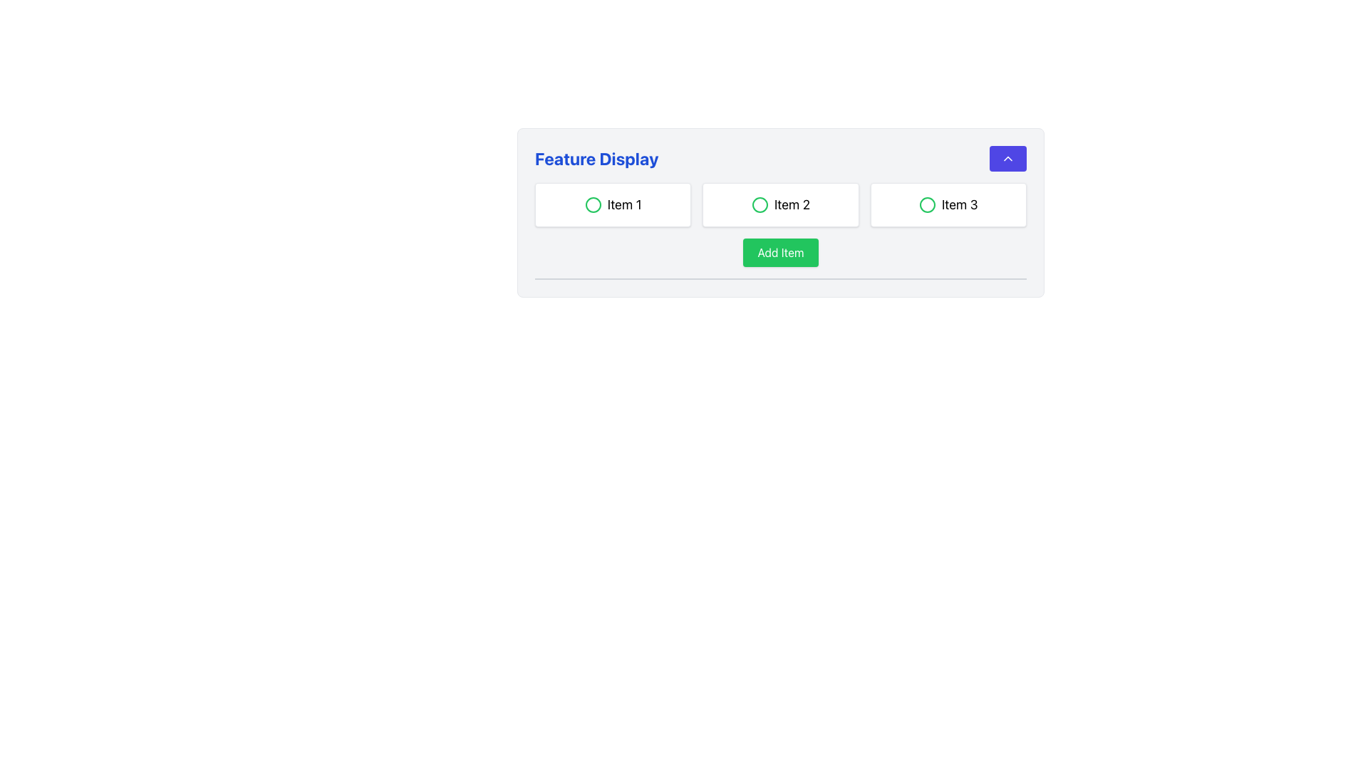 This screenshot has height=769, width=1368. Describe the element at coordinates (1007, 159) in the screenshot. I see `the upward-pointing chevron arrow icon located in the top-right corner of the blue rectangular button within the feature display box to interact with it` at that location.